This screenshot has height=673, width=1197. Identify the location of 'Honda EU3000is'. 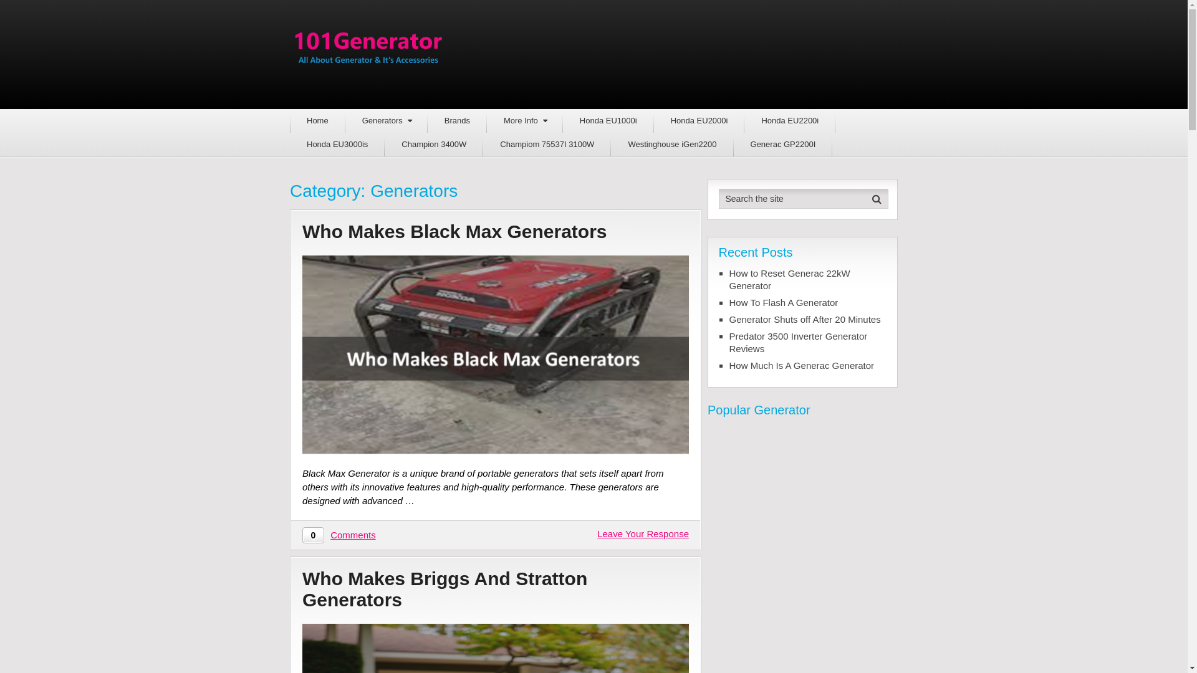
(289, 143).